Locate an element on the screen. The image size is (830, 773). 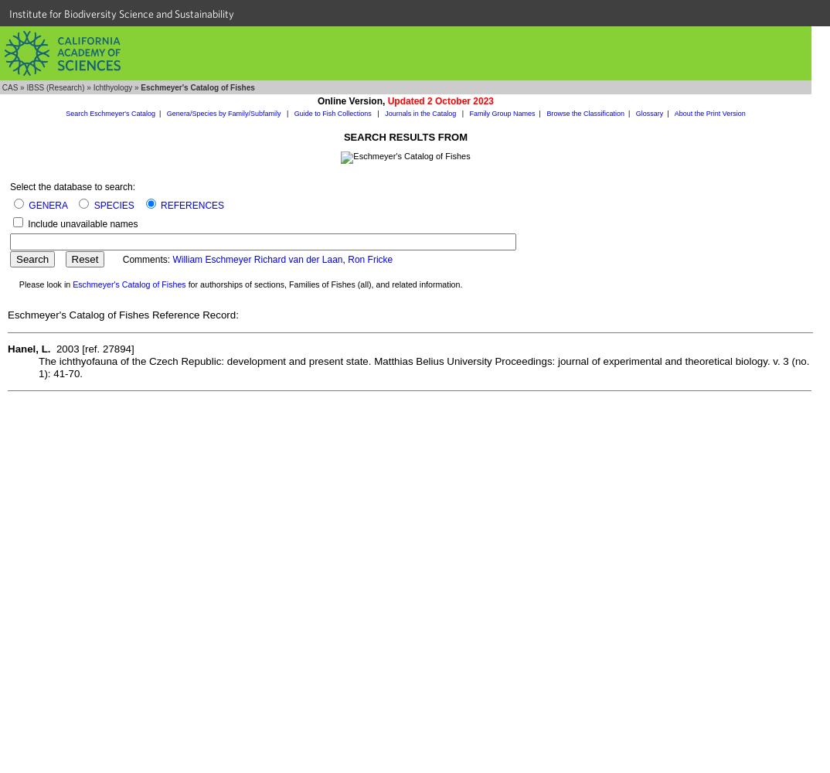
'Family Group Names' is located at coordinates (469, 114).